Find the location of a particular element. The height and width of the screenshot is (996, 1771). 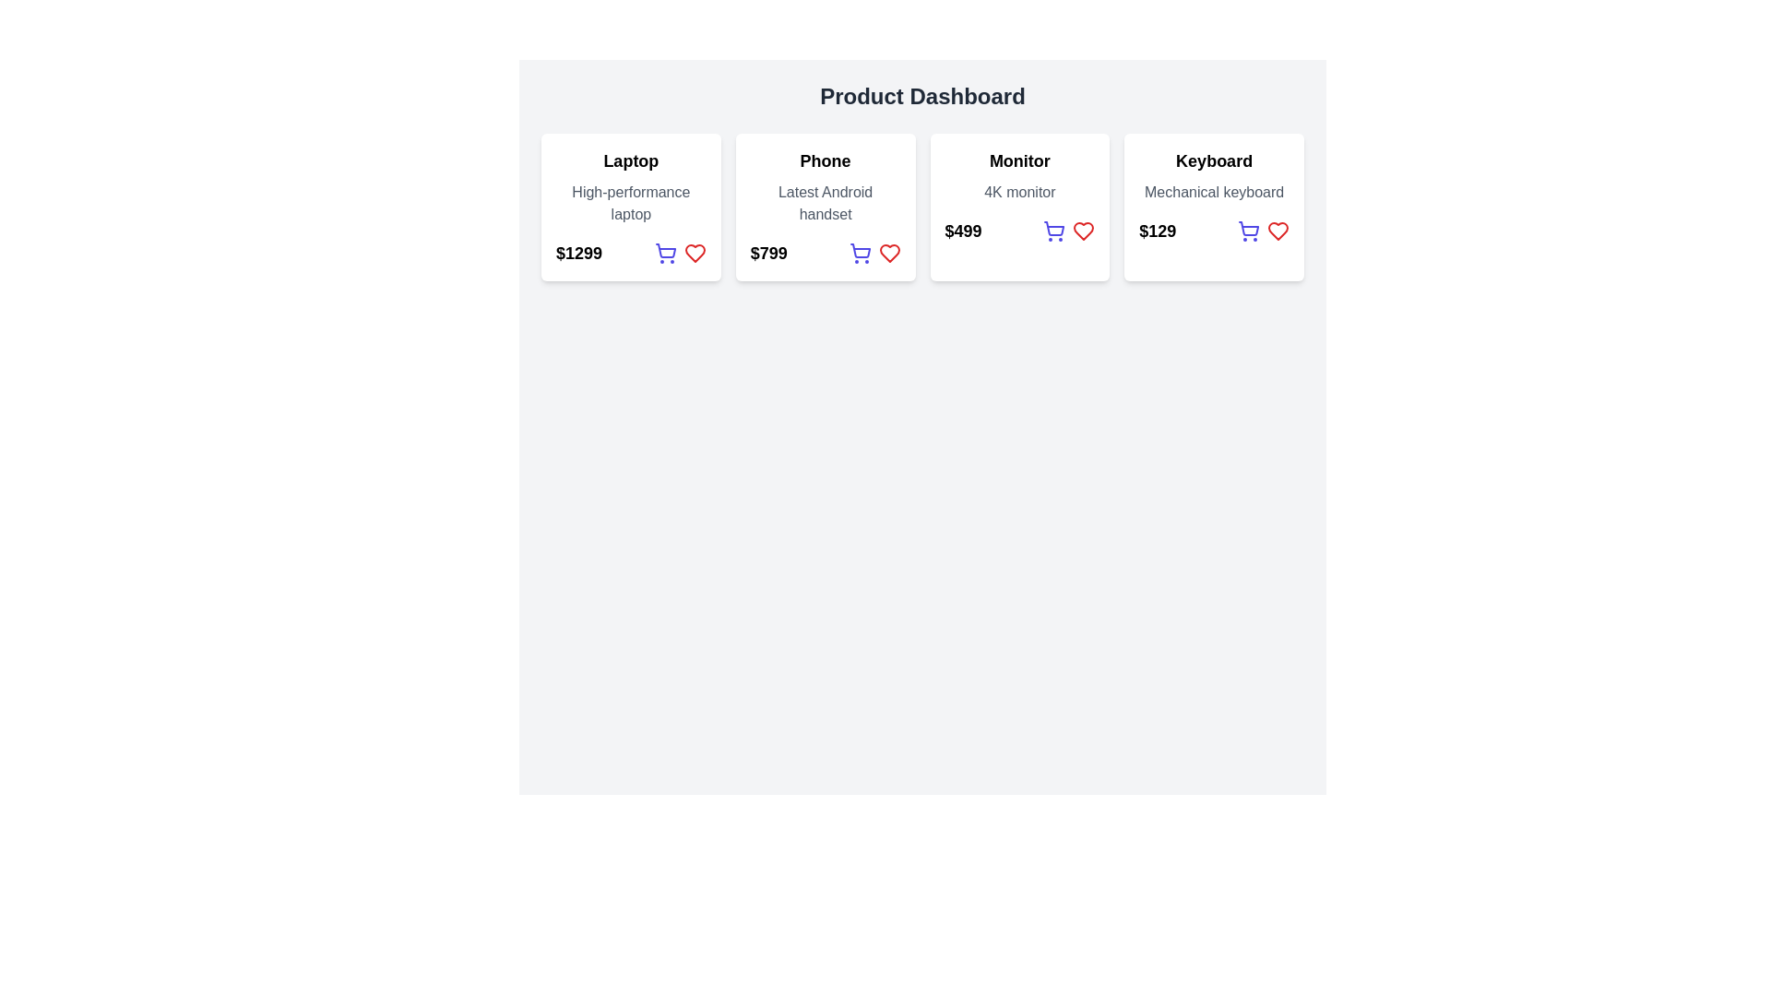

the wishlist toggle button (heart icon) located at the bottom-right corner of the Laptop product card is located at coordinates (694, 253).